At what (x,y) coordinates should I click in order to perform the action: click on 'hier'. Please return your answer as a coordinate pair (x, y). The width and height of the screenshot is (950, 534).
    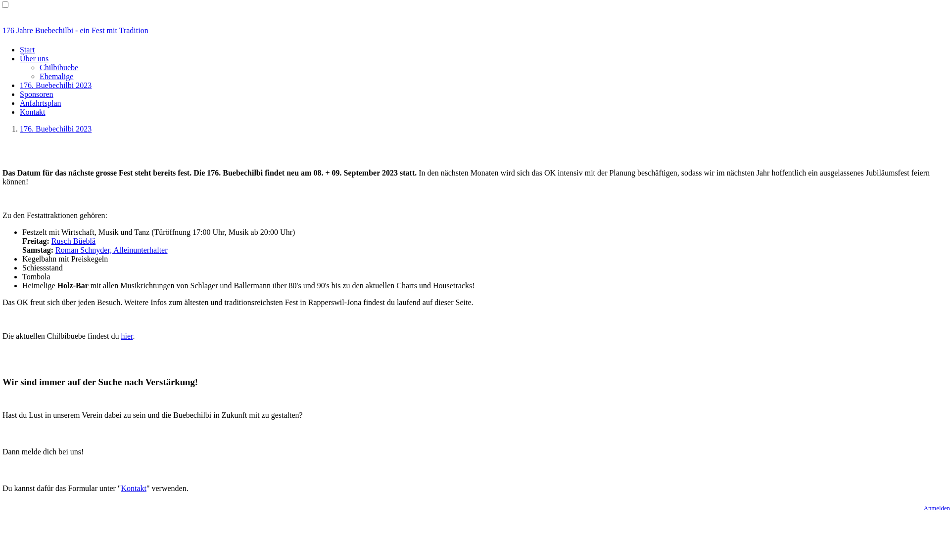
    Looking at the image, I should click on (126, 335).